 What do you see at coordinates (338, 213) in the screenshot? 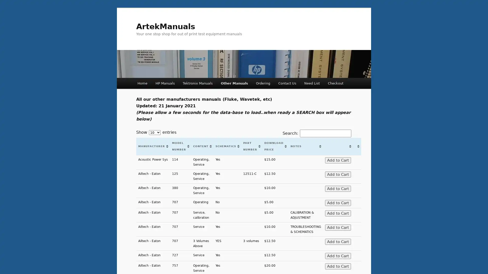
I see `Add to Cart` at bounding box center [338, 213].